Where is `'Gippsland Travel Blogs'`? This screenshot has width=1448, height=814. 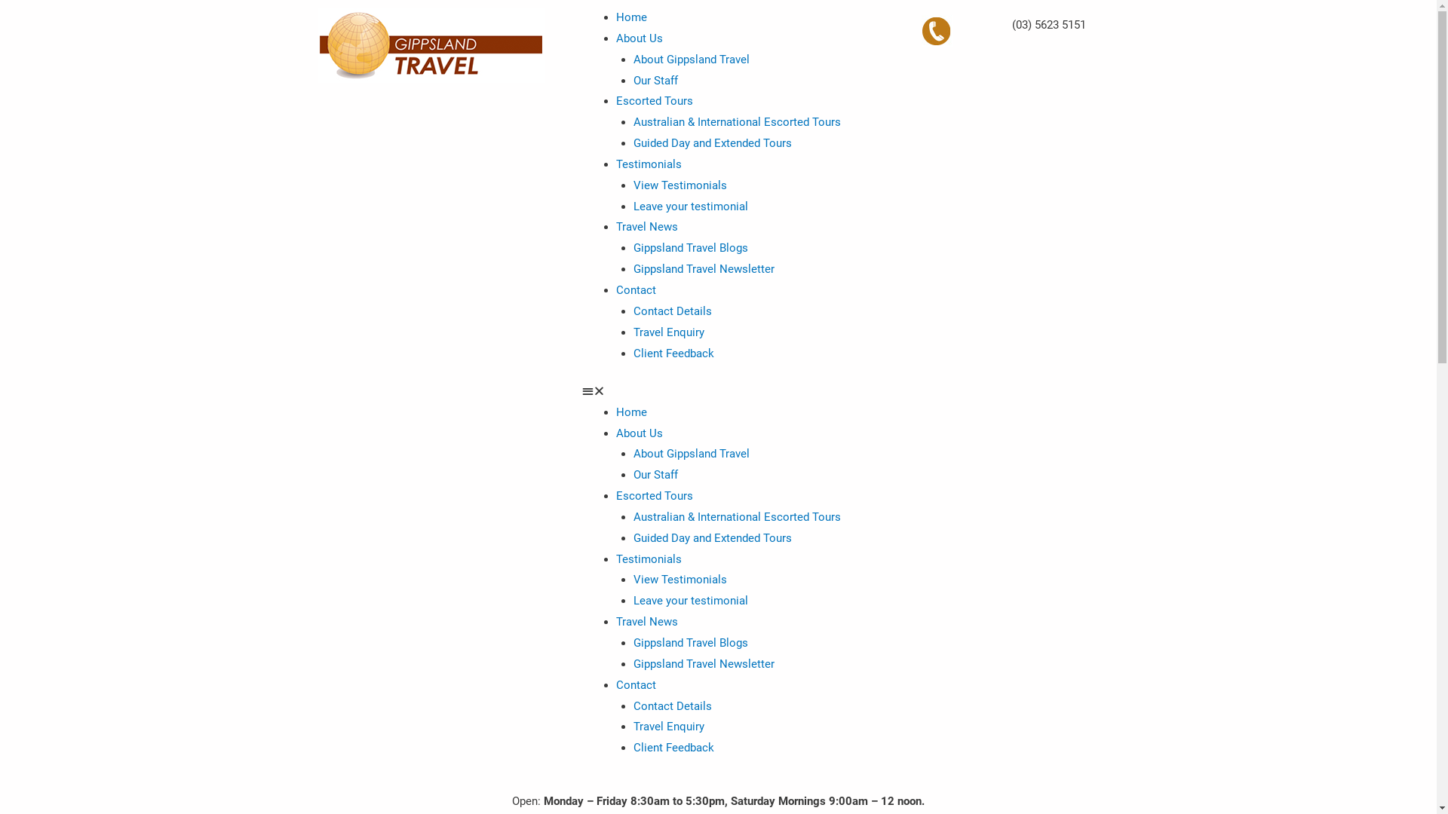
'Gippsland Travel Blogs' is located at coordinates (690, 642).